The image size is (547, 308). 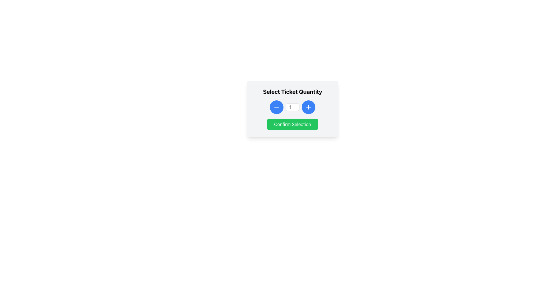 I want to click on the green 'Confirm Selection' button located at the bottom of the card-style layout to confirm the selection, so click(x=293, y=124).